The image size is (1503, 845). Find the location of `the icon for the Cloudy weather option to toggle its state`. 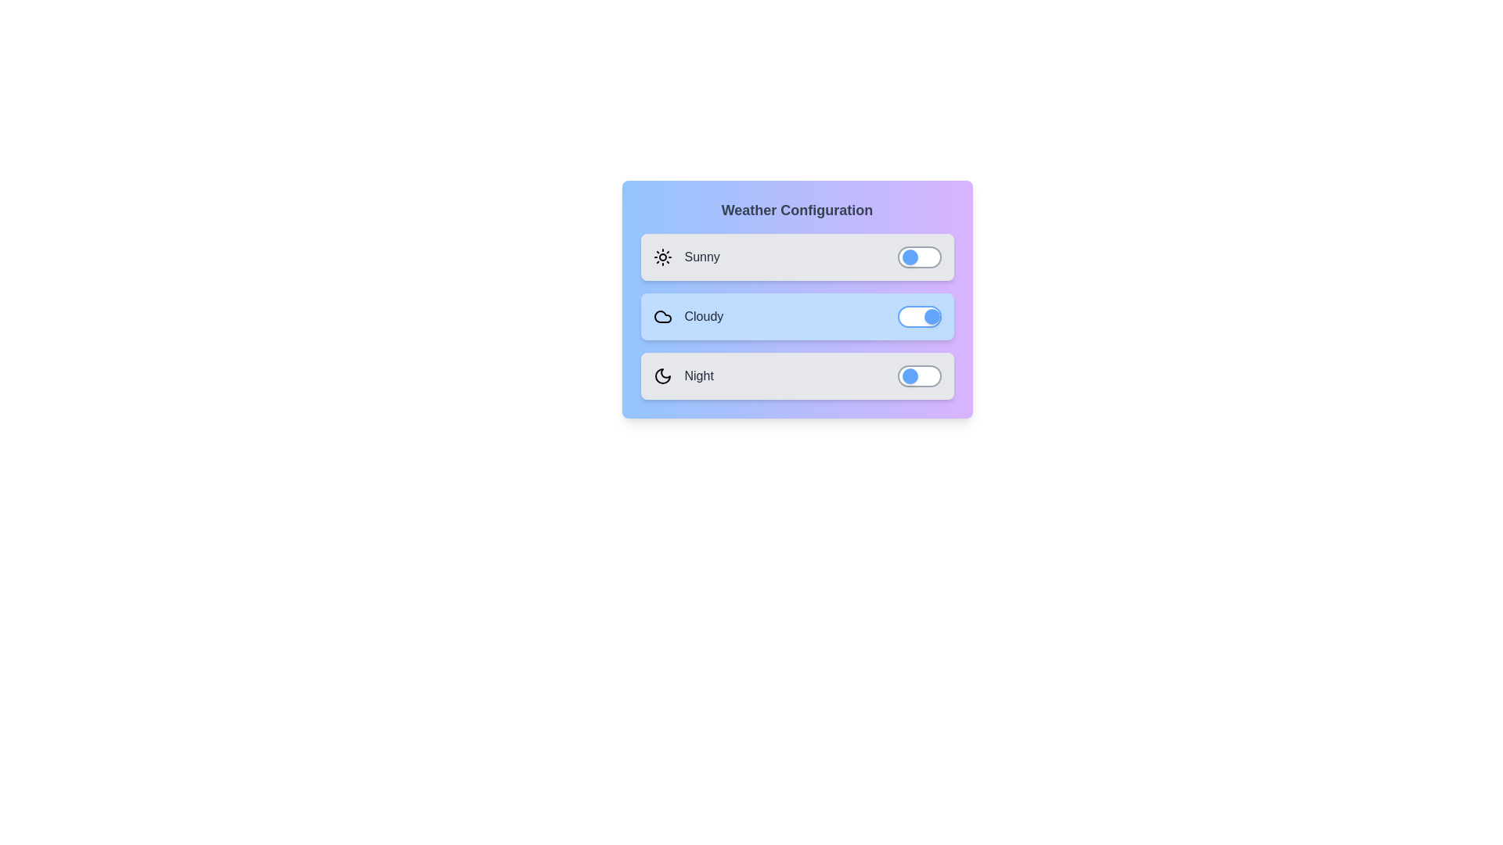

the icon for the Cloudy weather option to toggle its state is located at coordinates (662, 317).